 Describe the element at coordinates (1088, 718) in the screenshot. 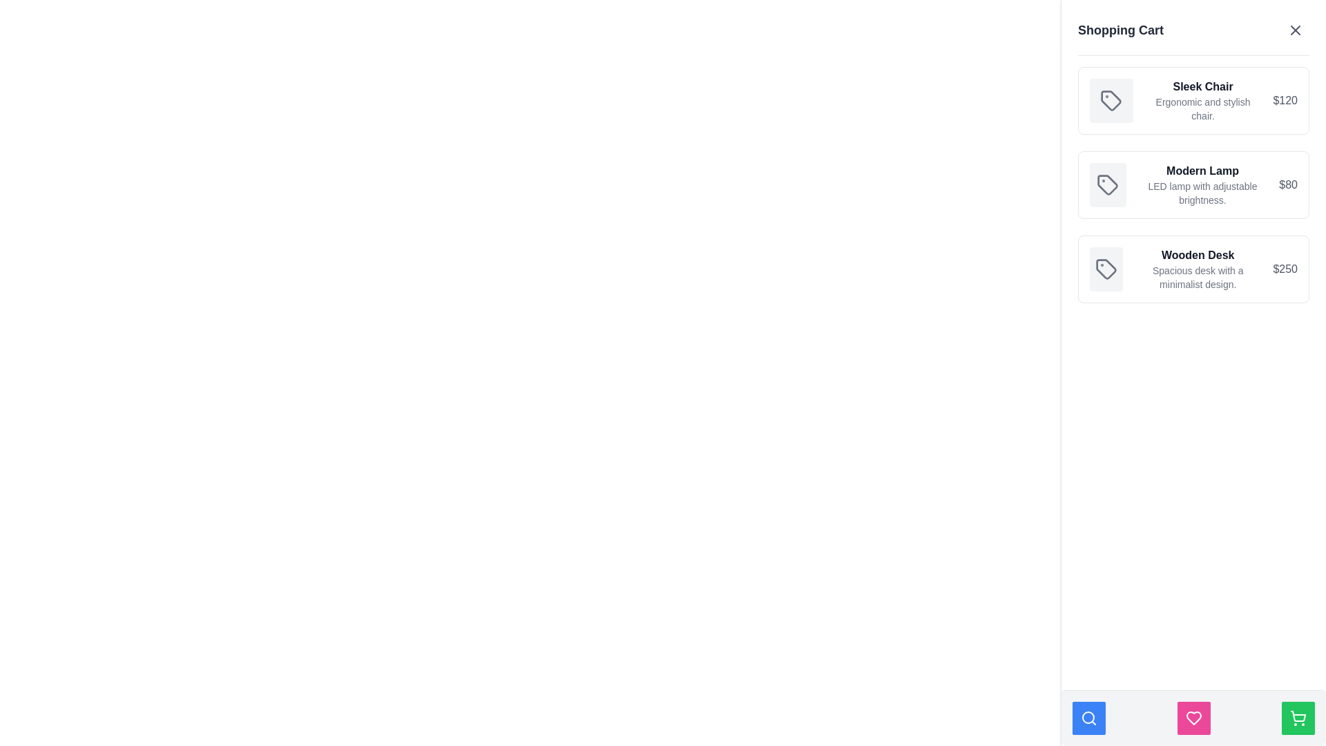

I see `the search button icon located in the bottom navigation bar by` at that location.